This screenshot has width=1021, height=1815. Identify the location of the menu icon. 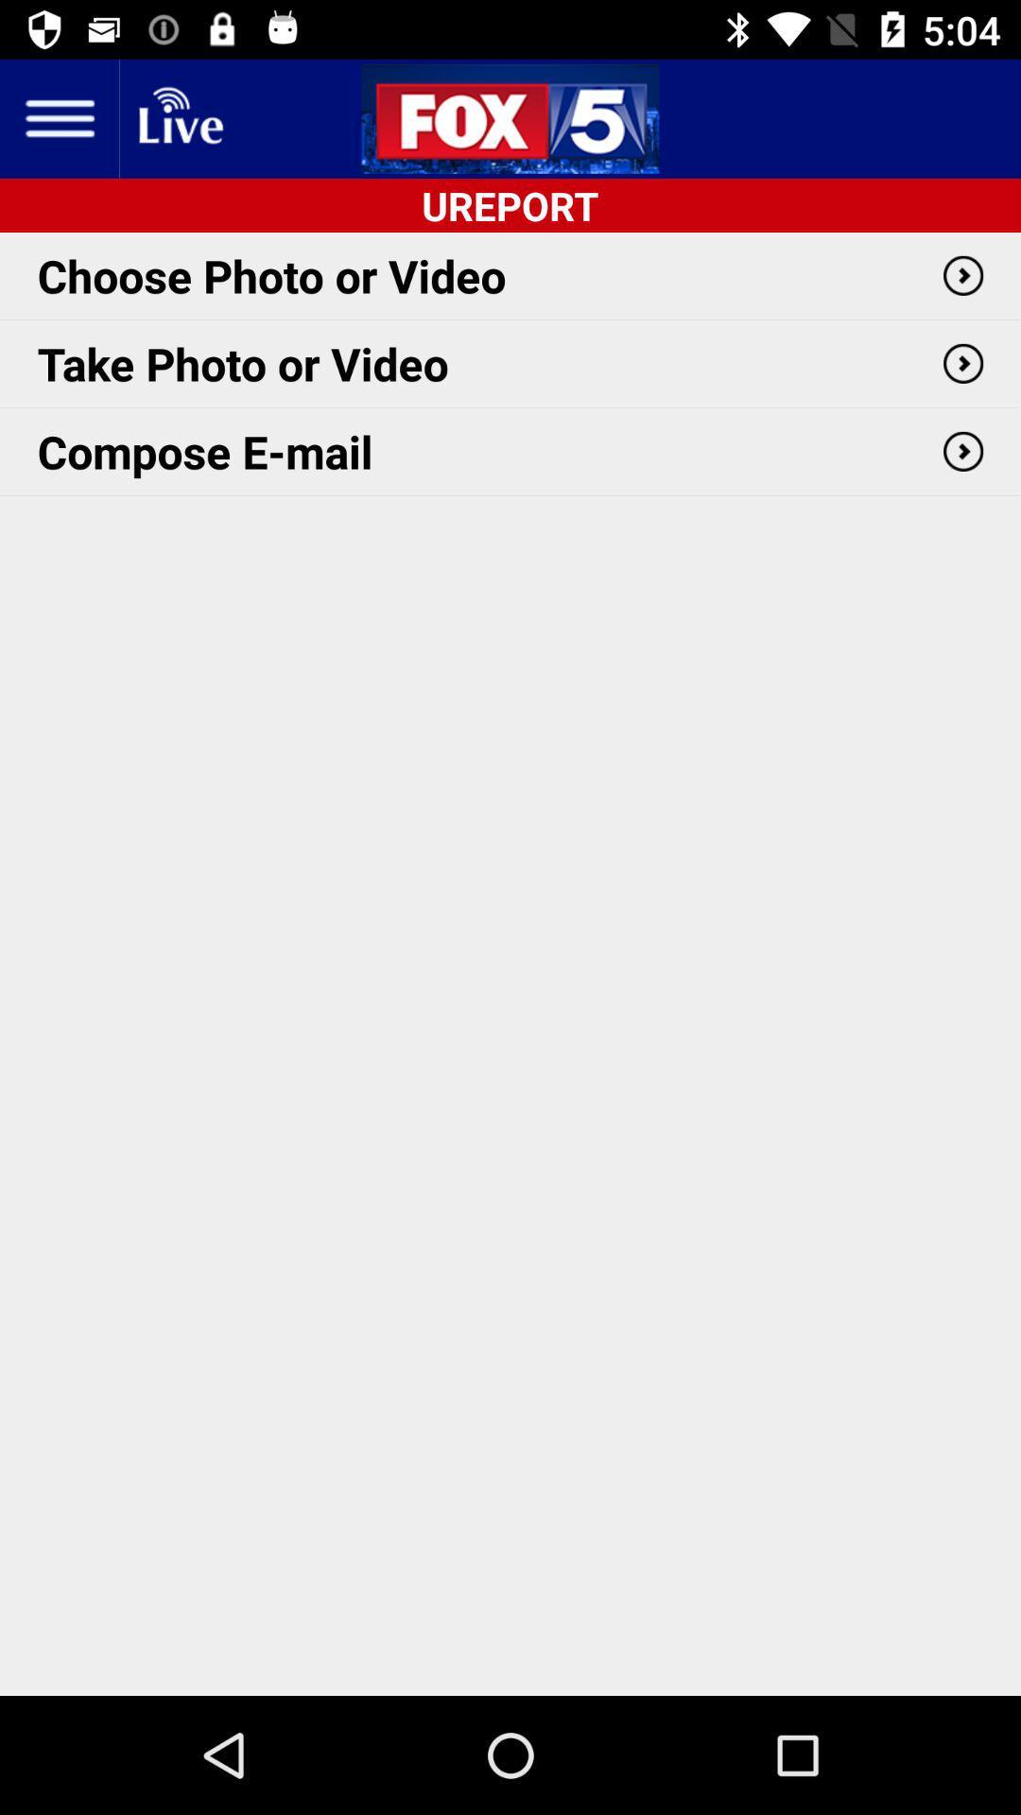
(58, 117).